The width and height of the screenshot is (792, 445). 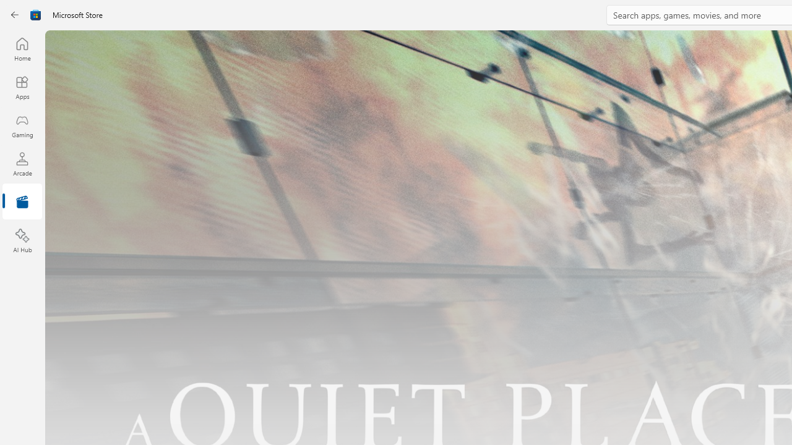 What do you see at coordinates (22, 125) in the screenshot?
I see `'Gaming'` at bounding box center [22, 125].